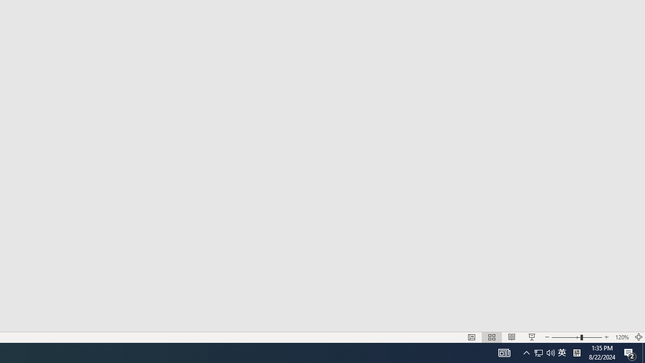 The width and height of the screenshot is (645, 363). I want to click on 'Zoom to Fit ', so click(638, 337).